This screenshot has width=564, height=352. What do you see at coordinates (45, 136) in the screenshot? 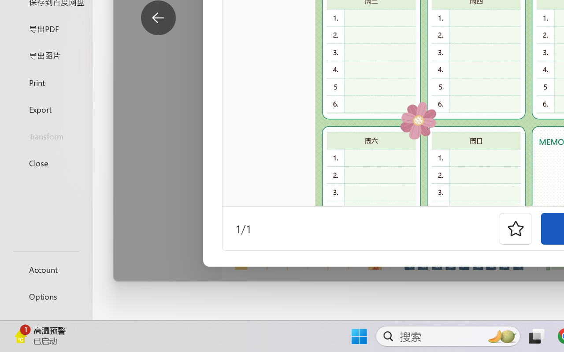
I see `'Transform'` at bounding box center [45, 136].